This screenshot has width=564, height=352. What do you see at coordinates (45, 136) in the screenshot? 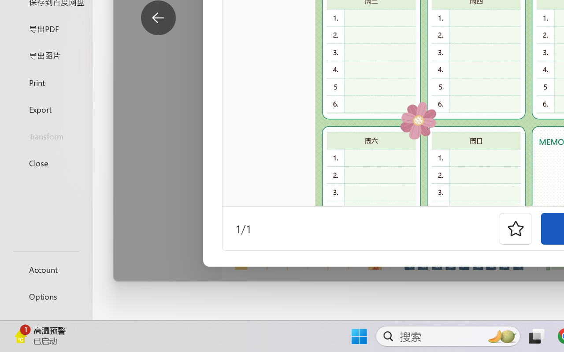
I see `'Transform'` at bounding box center [45, 136].